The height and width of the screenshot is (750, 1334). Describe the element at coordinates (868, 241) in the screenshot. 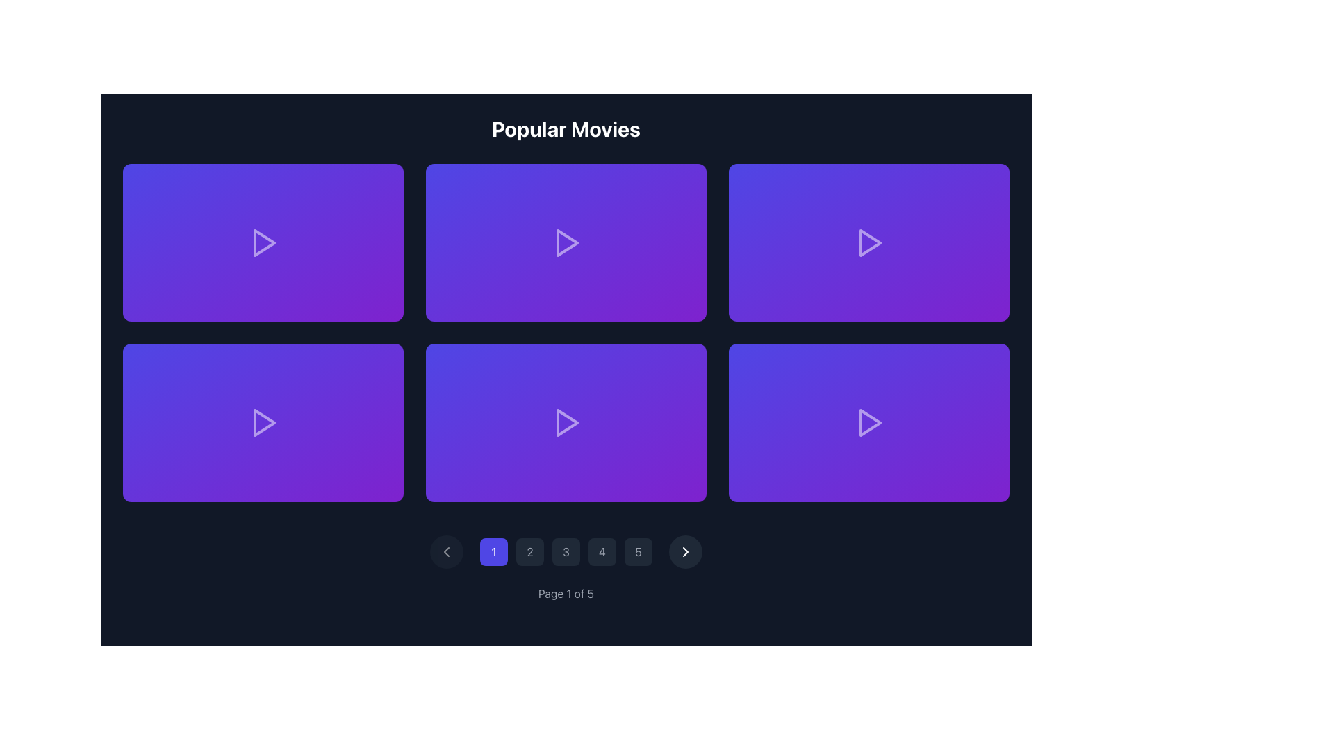

I see `the Play Button icon located in the top-right card of the grid layout to initiate playback` at that location.